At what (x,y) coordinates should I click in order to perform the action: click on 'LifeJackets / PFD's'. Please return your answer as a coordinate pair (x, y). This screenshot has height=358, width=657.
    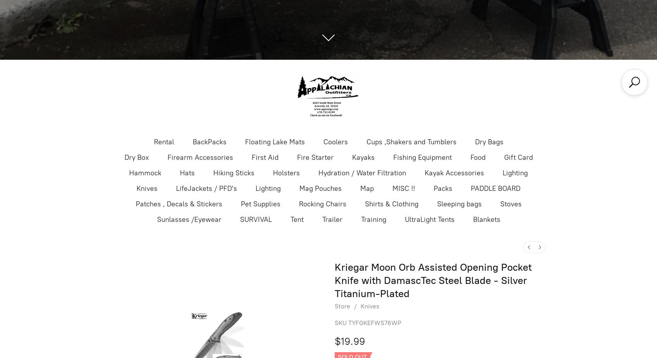
    Looking at the image, I should click on (206, 188).